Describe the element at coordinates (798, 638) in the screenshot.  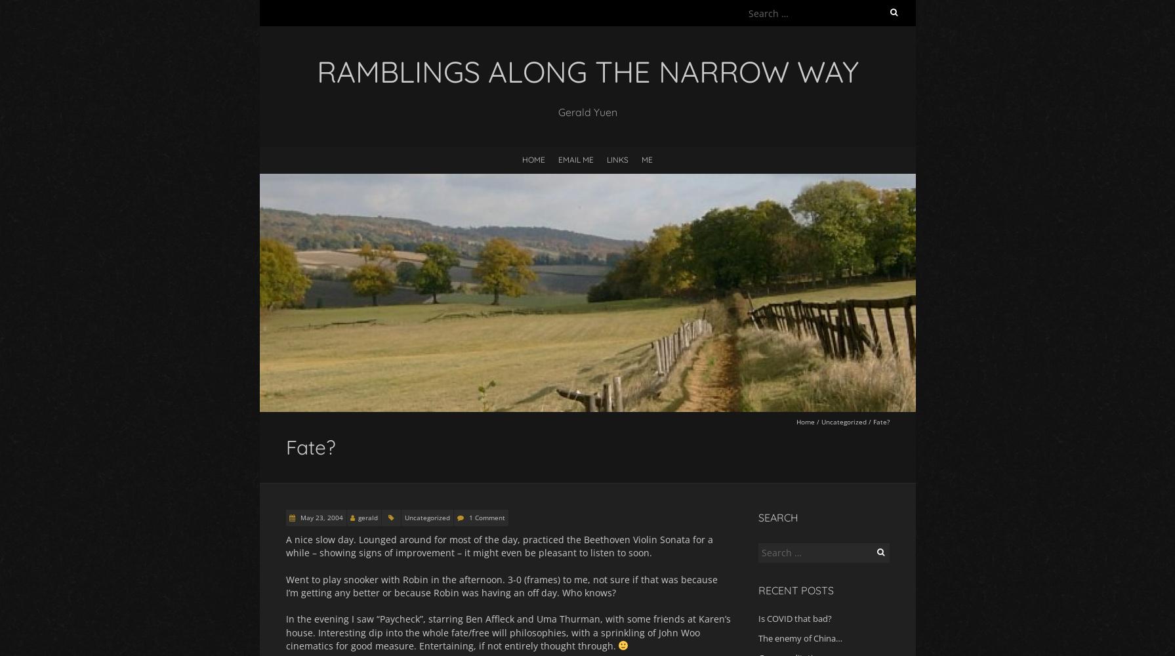
I see `'The enemy of China…'` at that location.